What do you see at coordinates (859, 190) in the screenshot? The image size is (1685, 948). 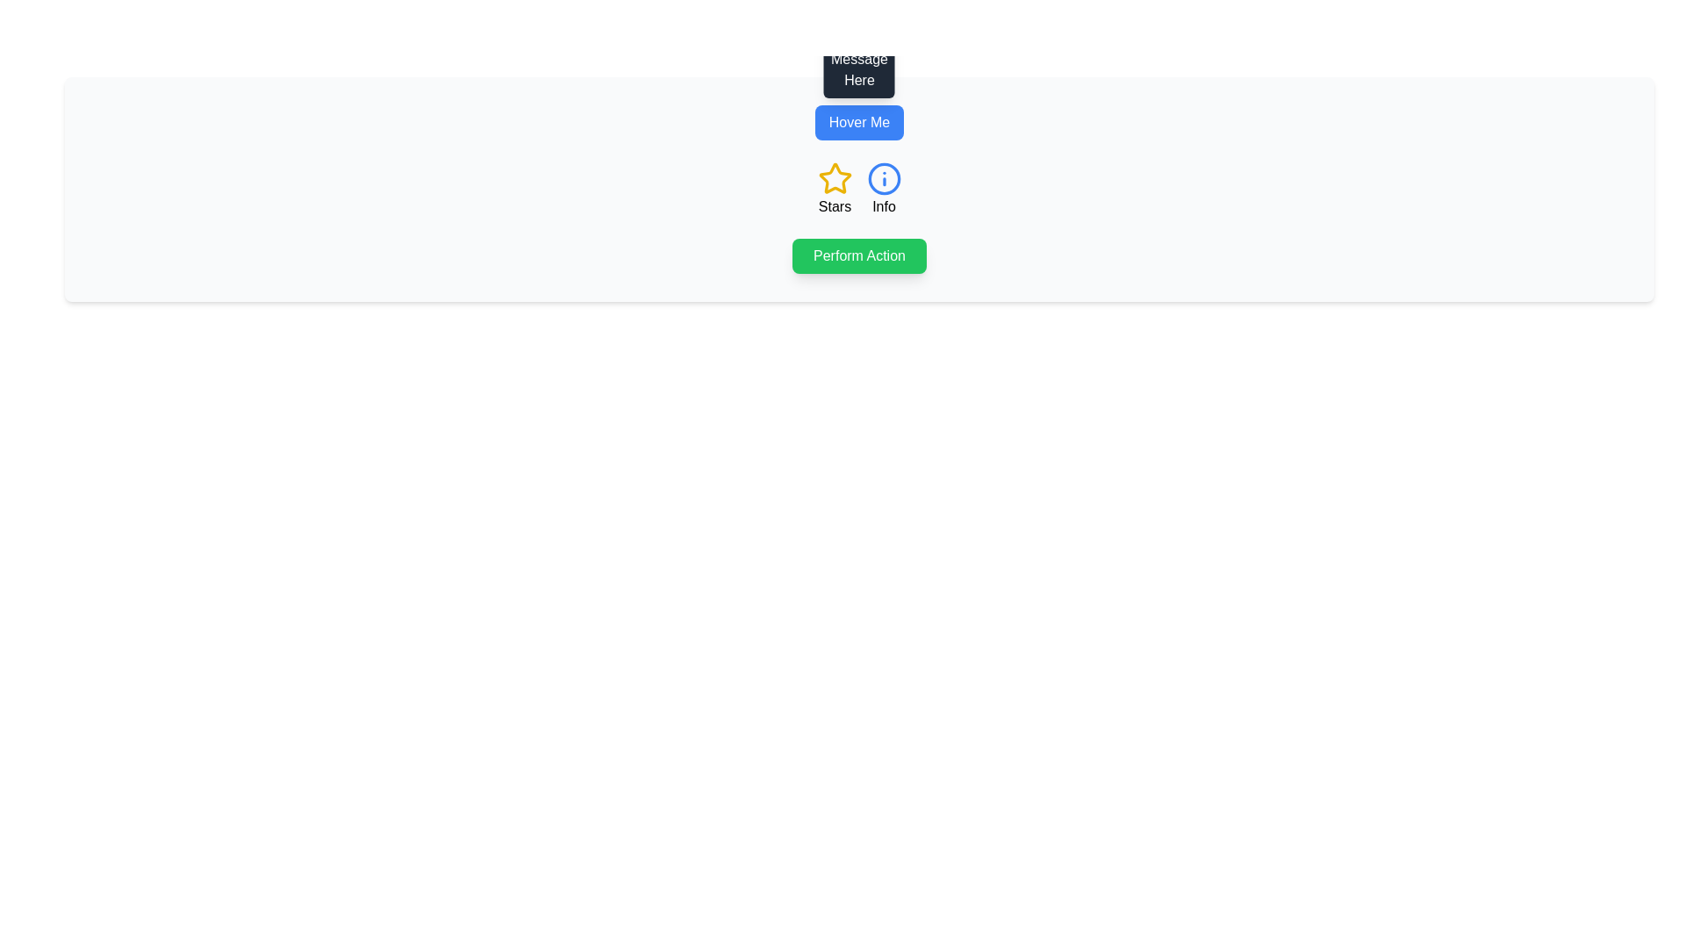 I see `the blue outlined information circle icon in the grid layout` at bounding box center [859, 190].